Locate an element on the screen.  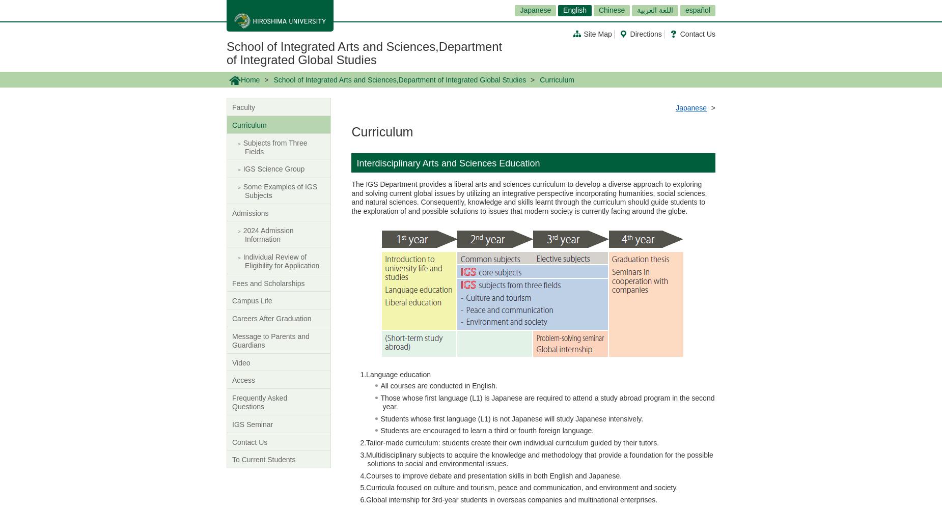
'Access' is located at coordinates (243, 380).